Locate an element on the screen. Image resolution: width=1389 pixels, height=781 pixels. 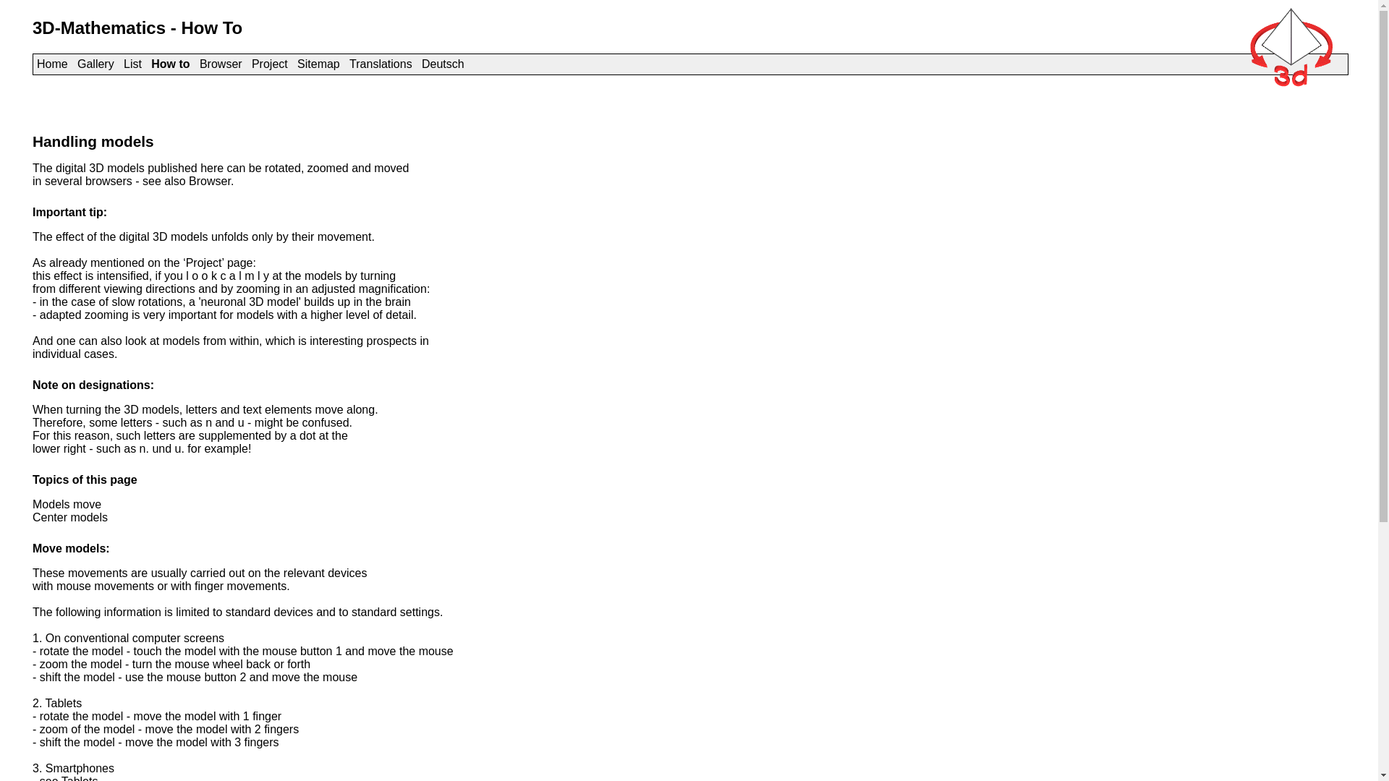
'How to' is located at coordinates (170, 63).